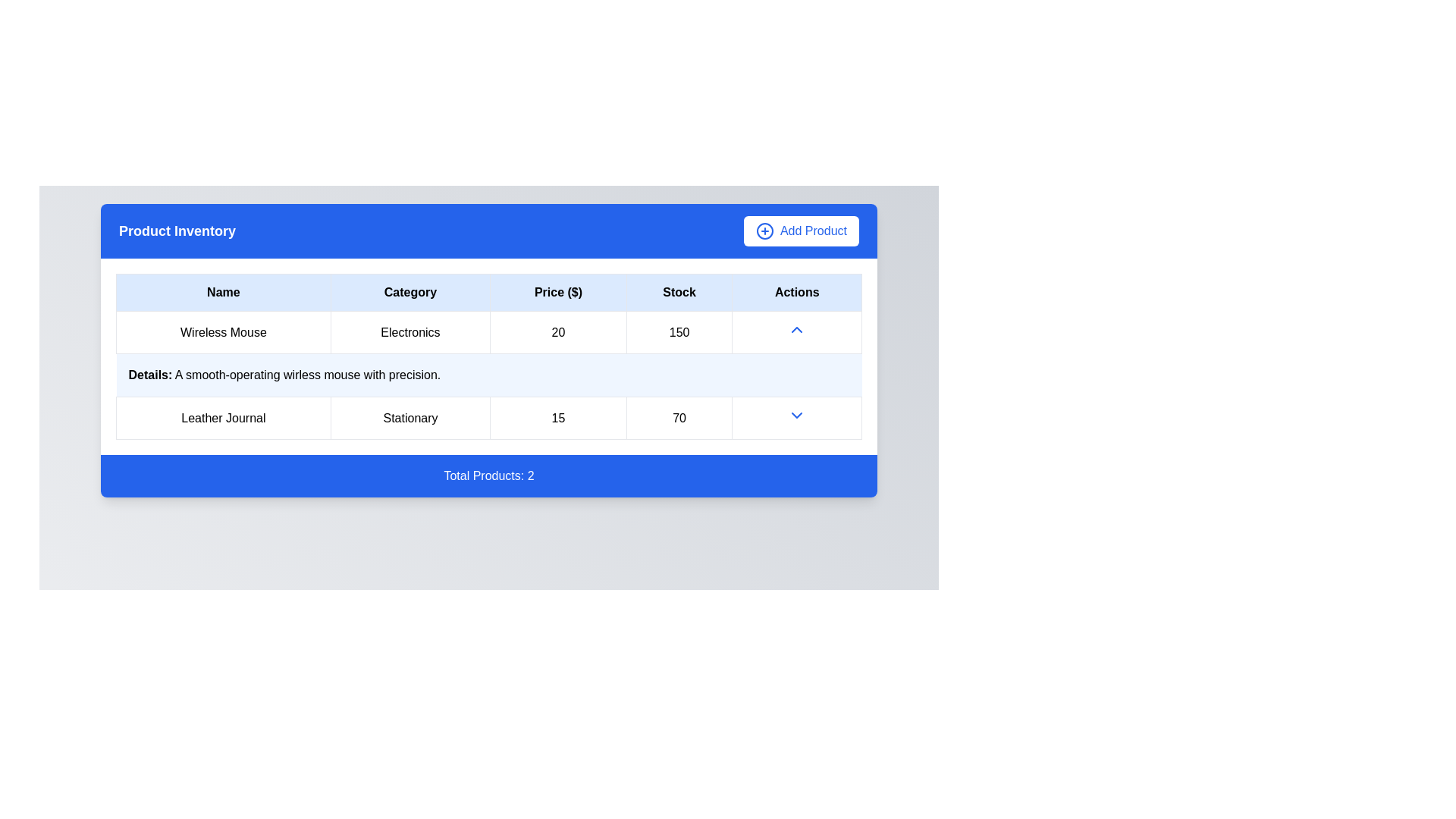  What do you see at coordinates (222, 331) in the screenshot?
I see `the 'Wireless Mouse' label in the 'Product Inventory' section, which is styled with black font on a white background and is the first cell under the 'Name' column` at bounding box center [222, 331].